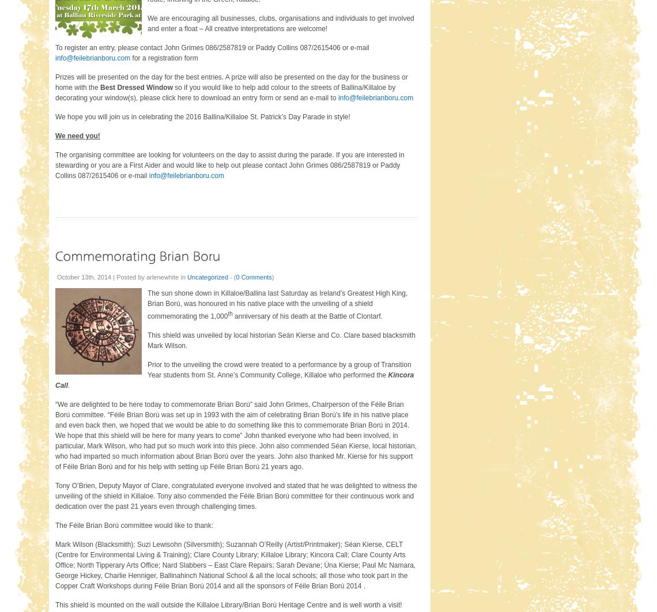  Describe the element at coordinates (211, 47) in the screenshot. I see `'To register an entry, please contact John Grimes 086/2587819 or Paddy Collins 087/2615406 or e-mail'` at that location.